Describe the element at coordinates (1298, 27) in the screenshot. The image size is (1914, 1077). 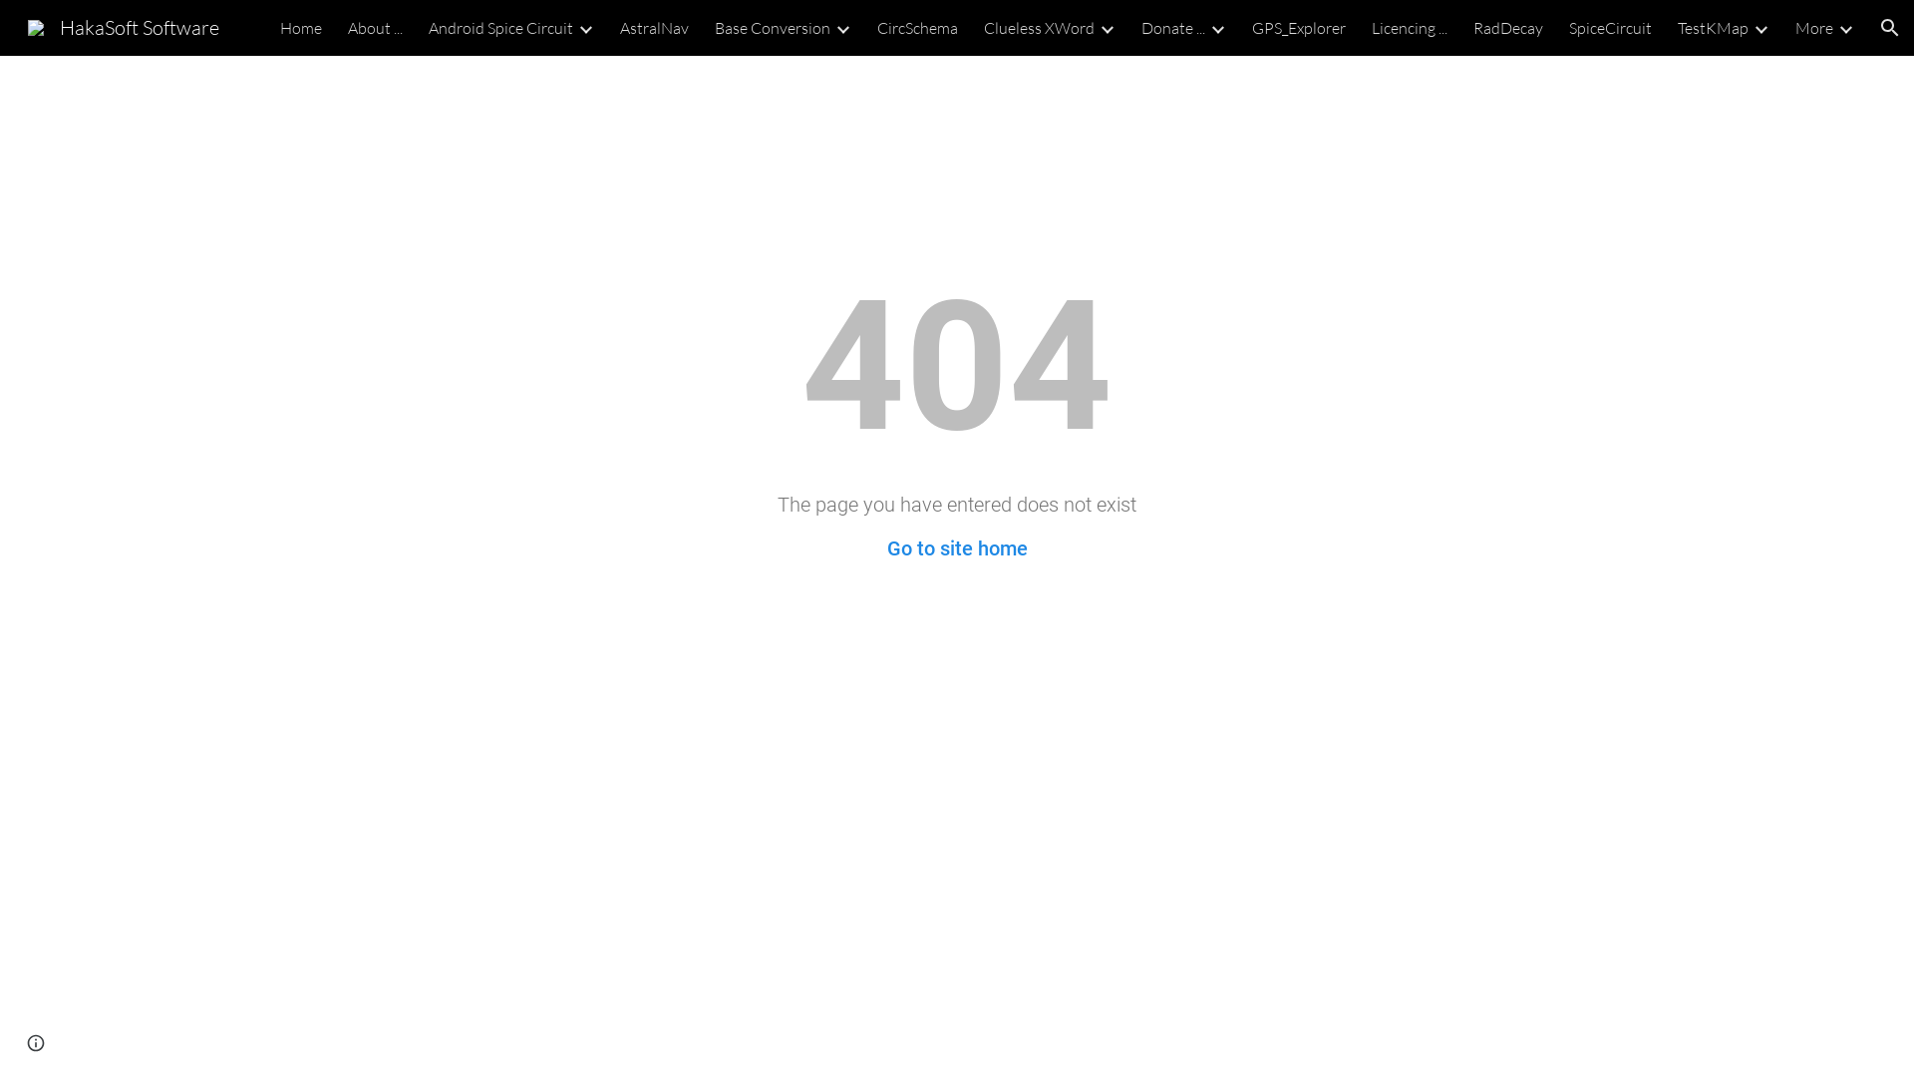
I see `'GPS_Explorer'` at that location.